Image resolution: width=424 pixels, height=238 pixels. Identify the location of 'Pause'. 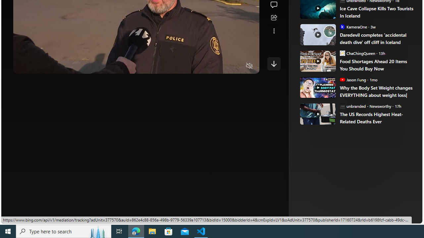
(23, 66).